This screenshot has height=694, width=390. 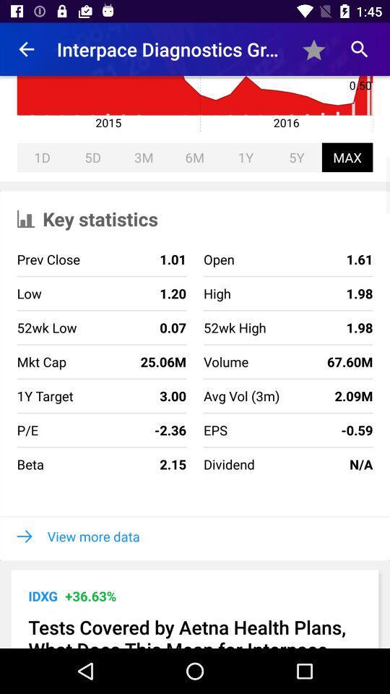 I want to click on icon next to the 1y target, so click(x=129, y=395).